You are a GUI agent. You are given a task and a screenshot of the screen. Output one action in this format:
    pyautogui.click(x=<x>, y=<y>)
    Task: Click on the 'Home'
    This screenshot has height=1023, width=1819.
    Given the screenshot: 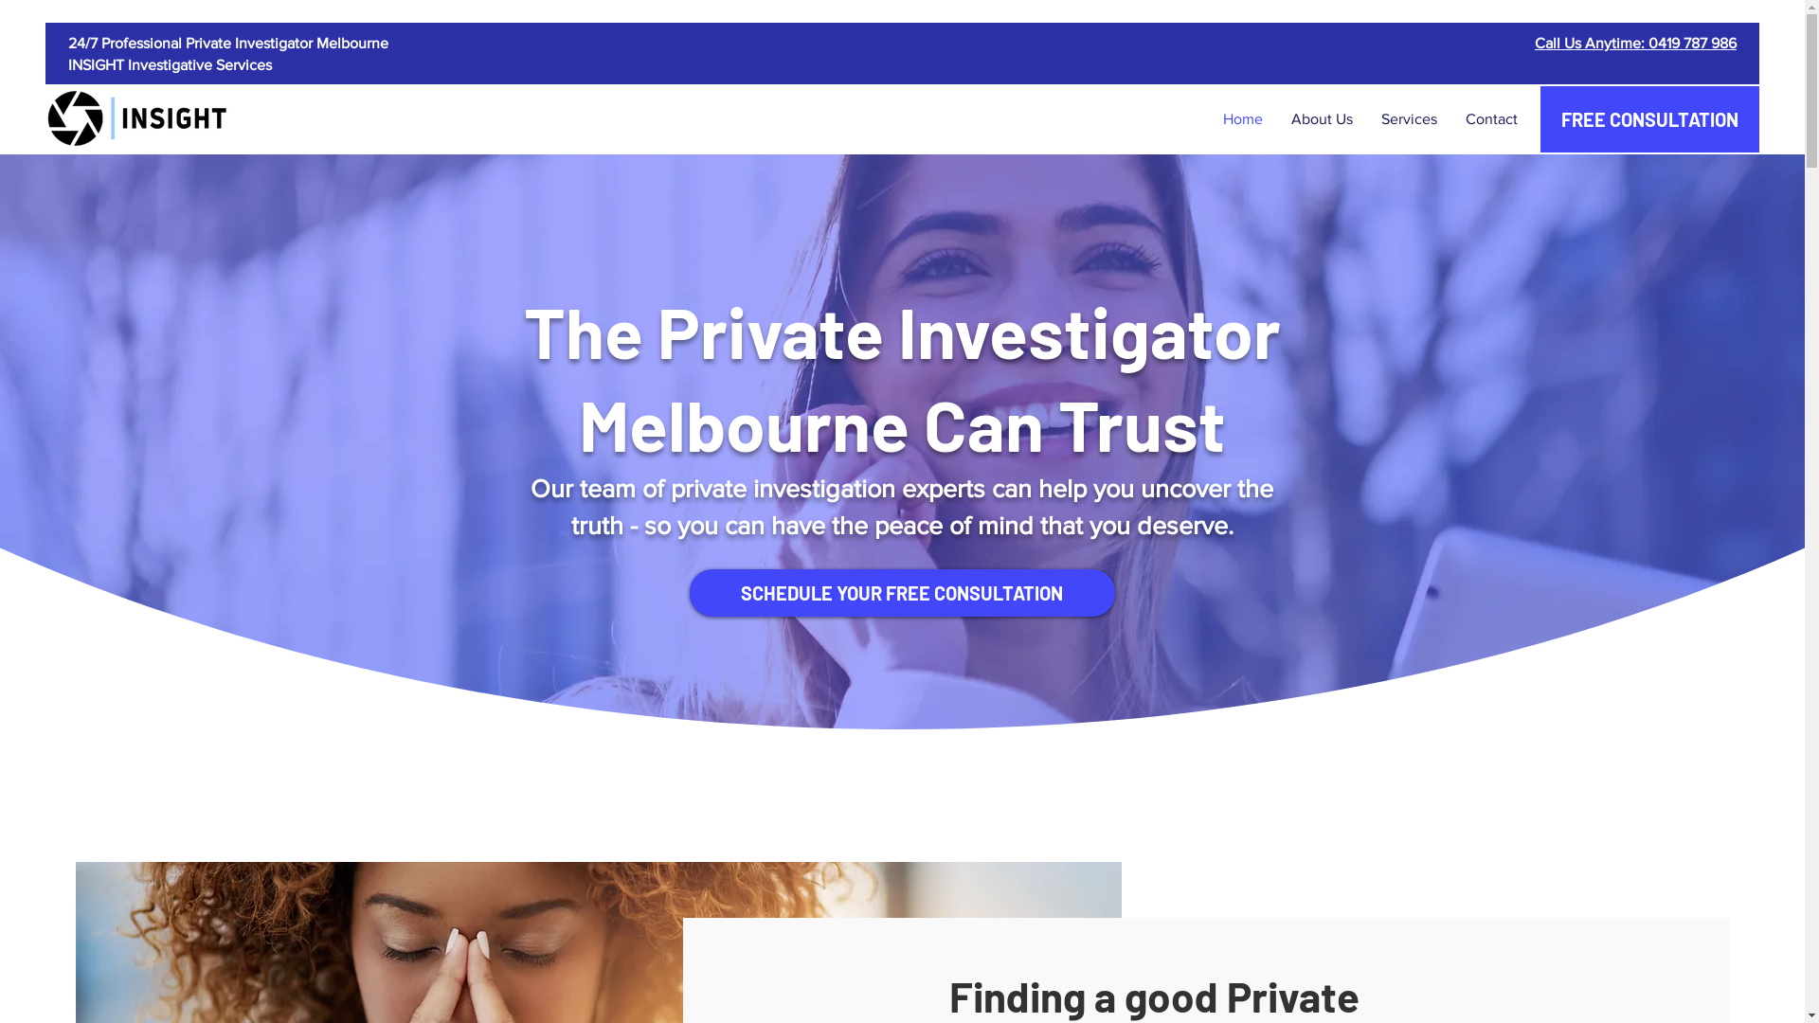 What is the action you would take?
    pyautogui.click(x=1242, y=119)
    